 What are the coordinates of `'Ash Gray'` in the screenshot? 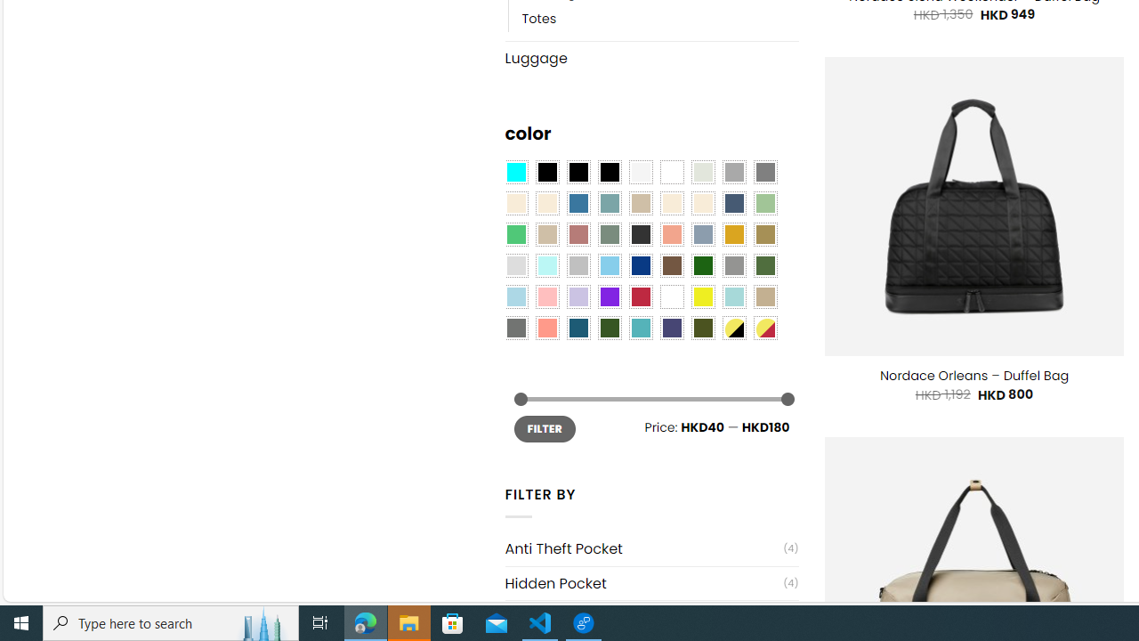 It's located at (701, 173).